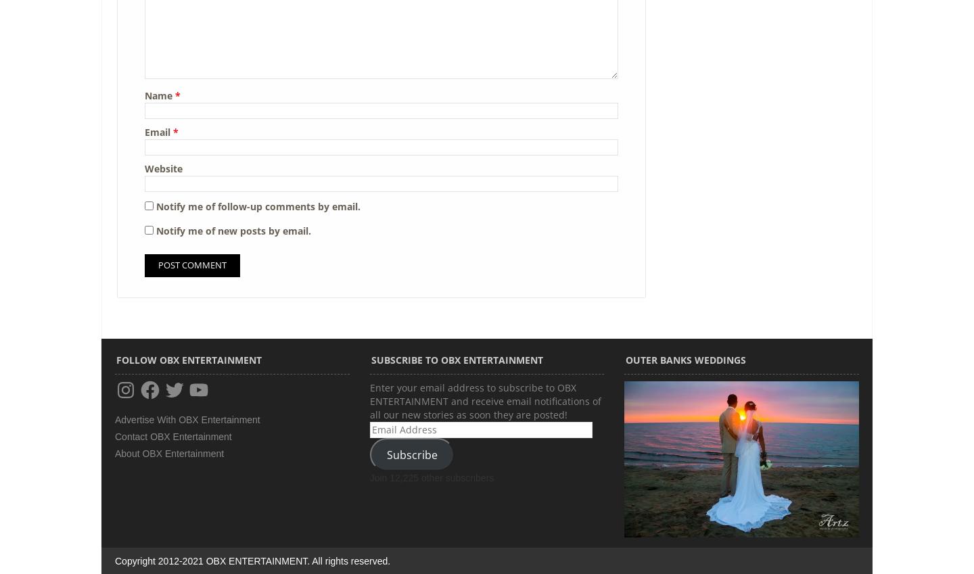 Image resolution: width=974 pixels, height=574 pixels. Describe the element at coordinates (258, 206) in the screenshot. I see `'Notify me of follow-up comments by email.'` at that location.